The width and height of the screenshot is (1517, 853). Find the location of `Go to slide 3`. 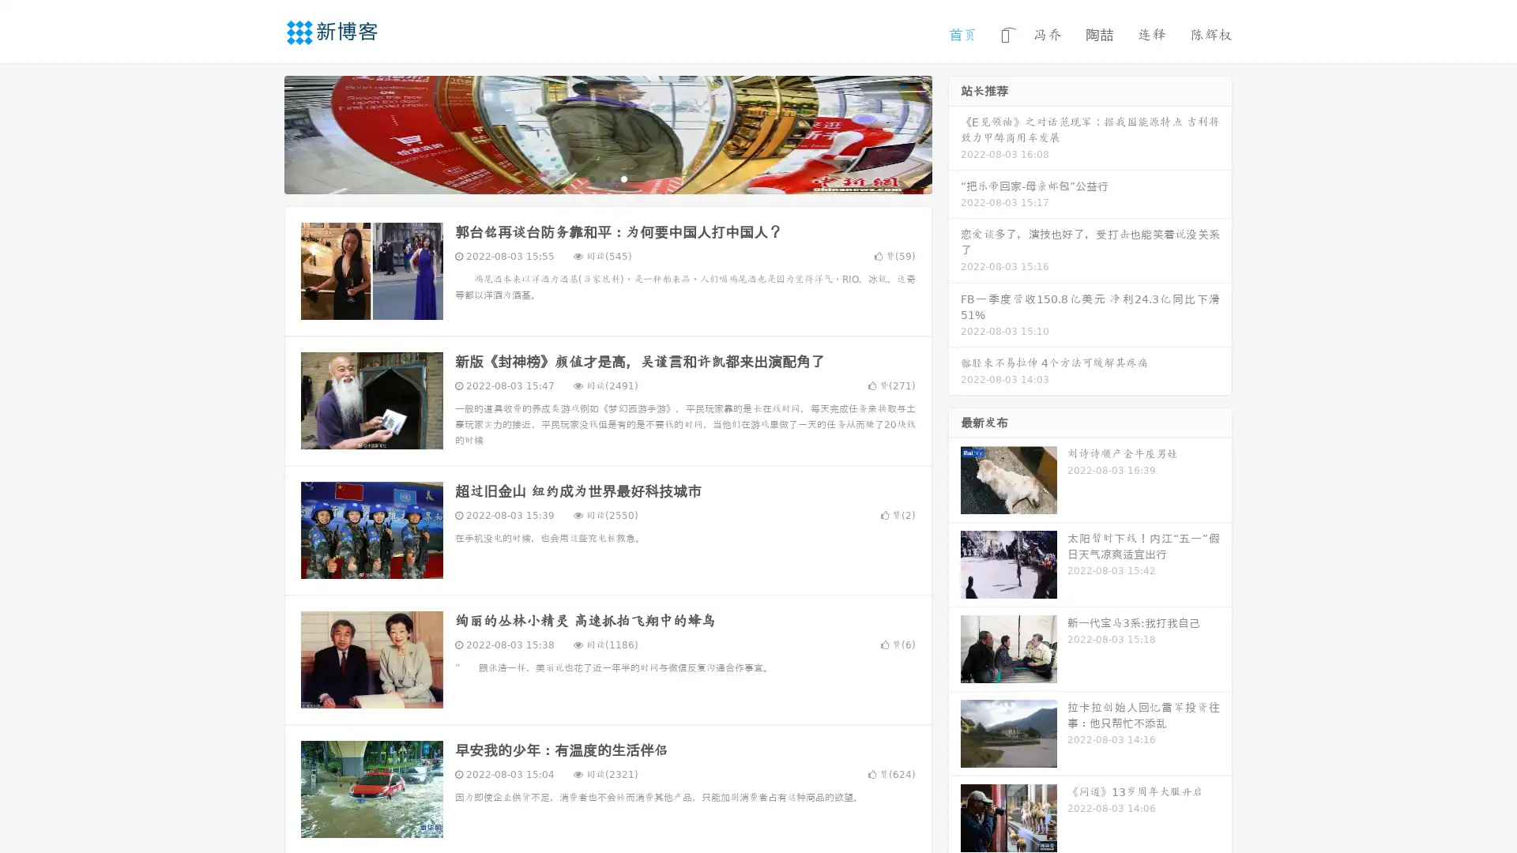

Go to slide 3 is located at coordinates (623, 178).